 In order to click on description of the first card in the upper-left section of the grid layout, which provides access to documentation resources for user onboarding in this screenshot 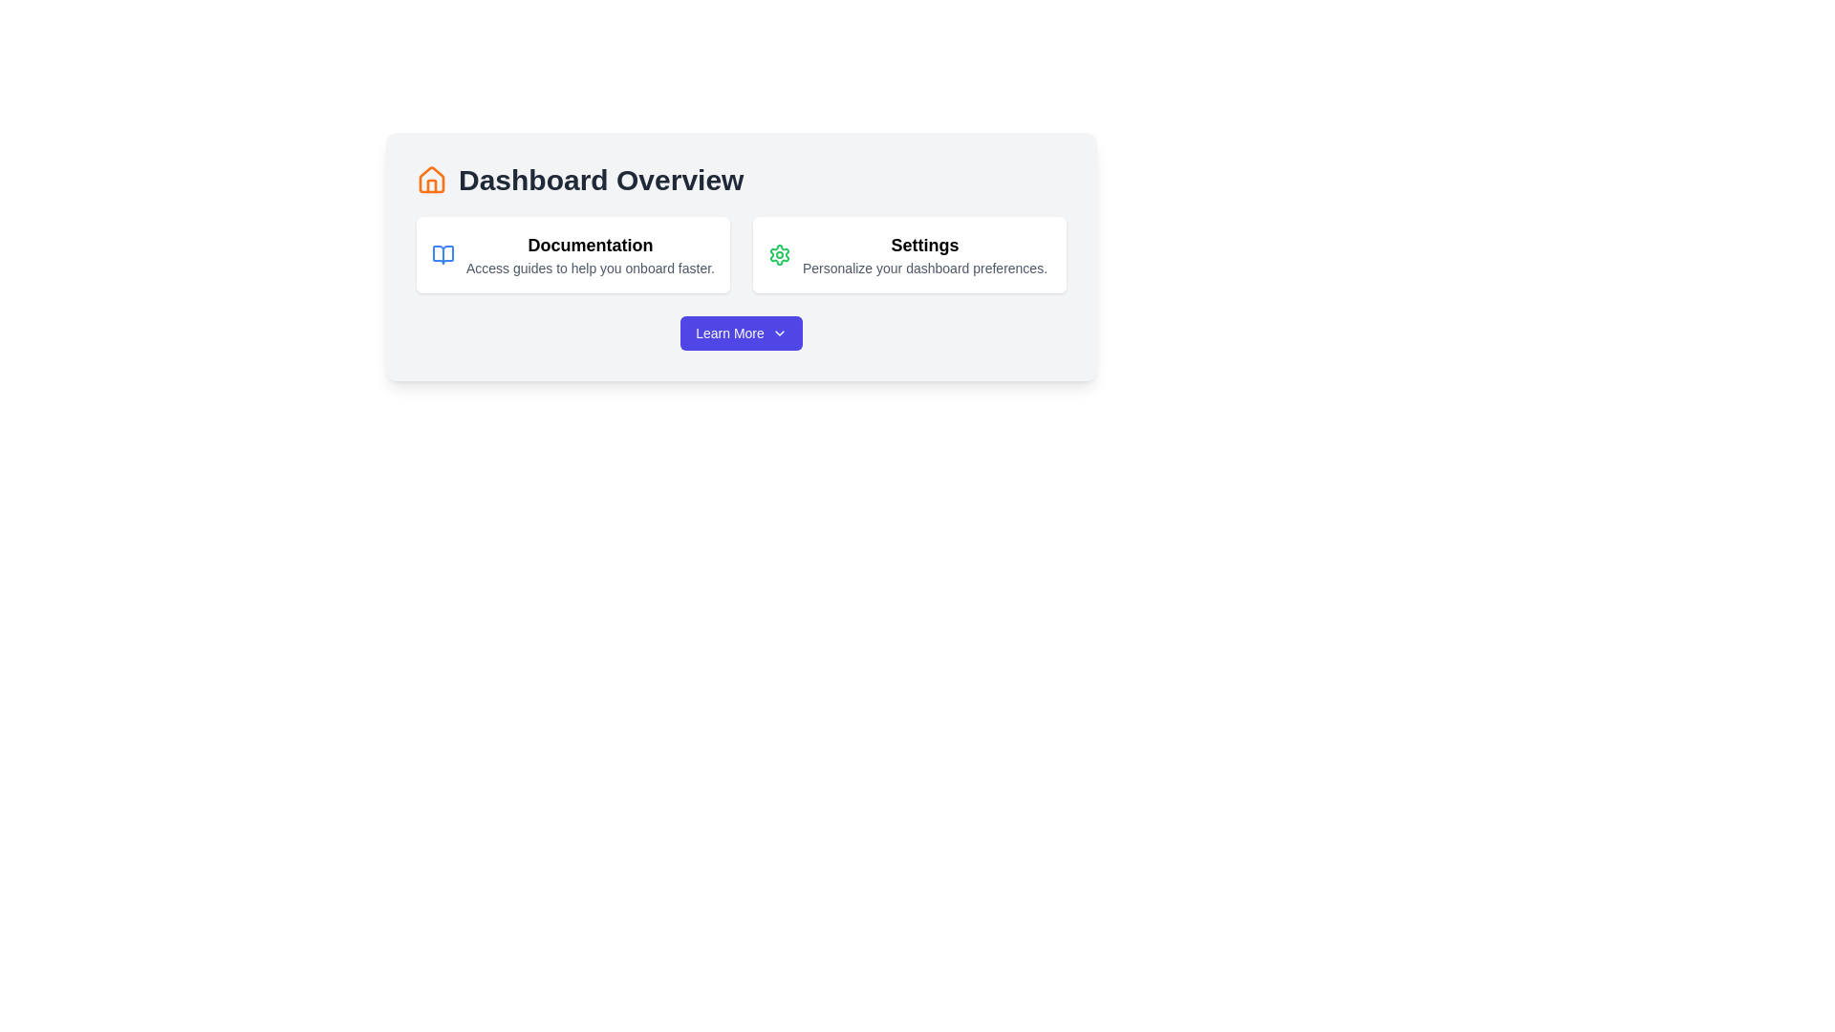, I will do `click(572, 253)`.